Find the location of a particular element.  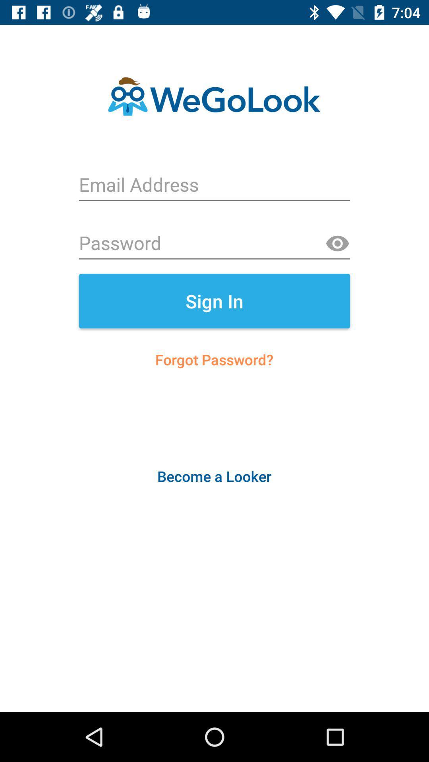

icon below the sign in item is located at coordinates (214, 359).